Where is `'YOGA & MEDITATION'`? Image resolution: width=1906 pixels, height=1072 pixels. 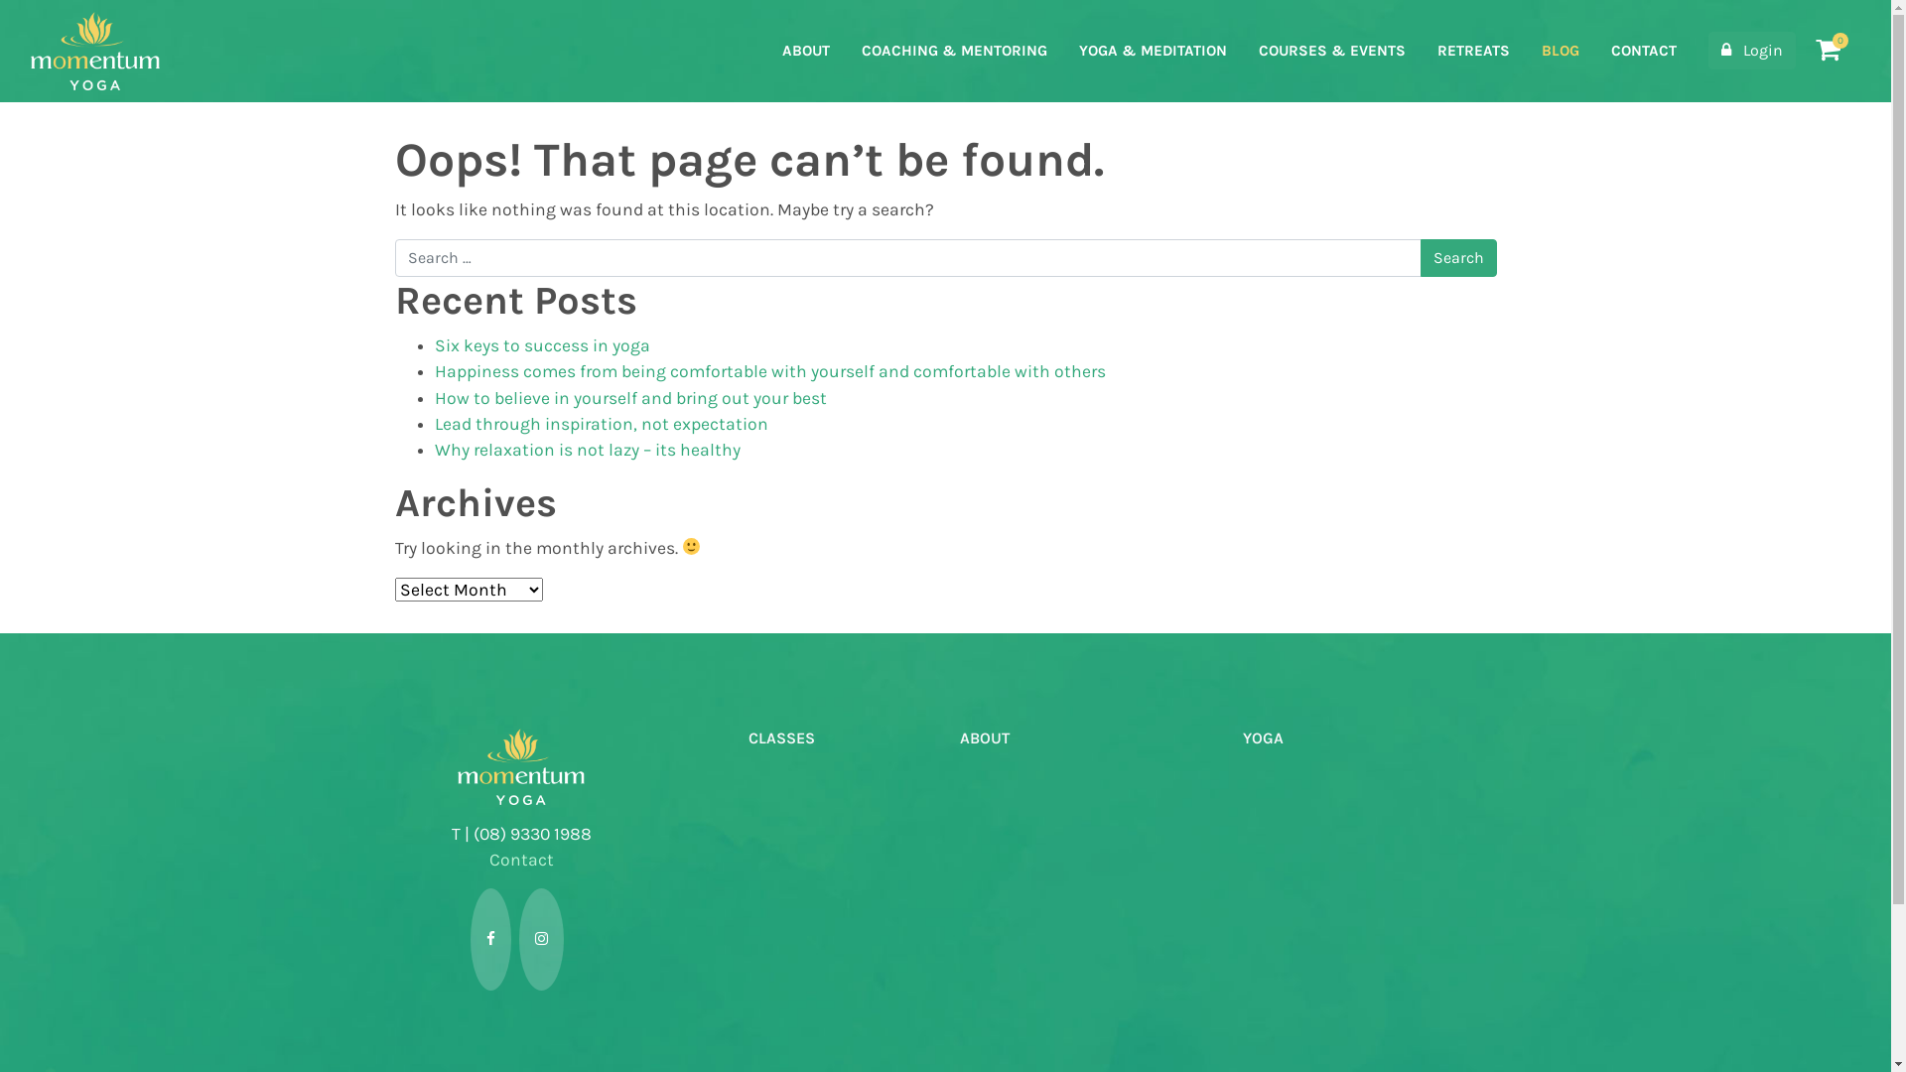 'YOGA & MEDITATION' is located at coordinates (1153, 50).